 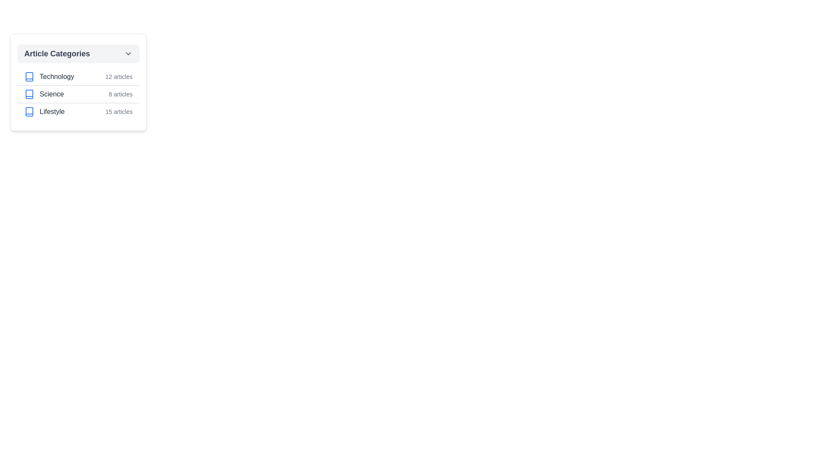 What do you see at coordinates (57, 54) in the screenshot?
I see `the static text label element that serves as a title for the dropdown component, located at the upper section of the dropdown list and aligned to the left` at bounding box center [57, 54].